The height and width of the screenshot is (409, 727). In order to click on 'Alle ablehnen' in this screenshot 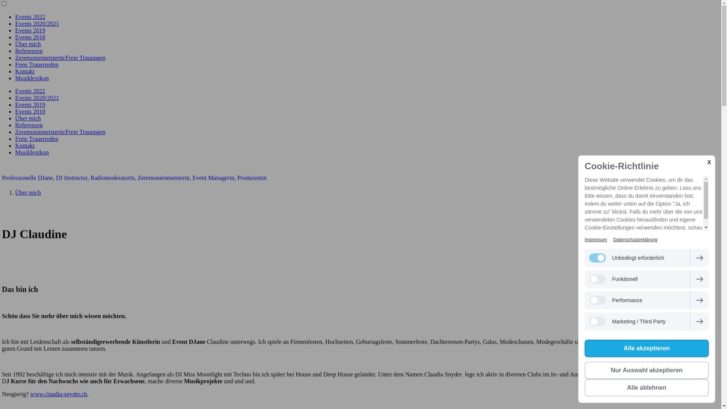, I will do `click(584, 387)`.